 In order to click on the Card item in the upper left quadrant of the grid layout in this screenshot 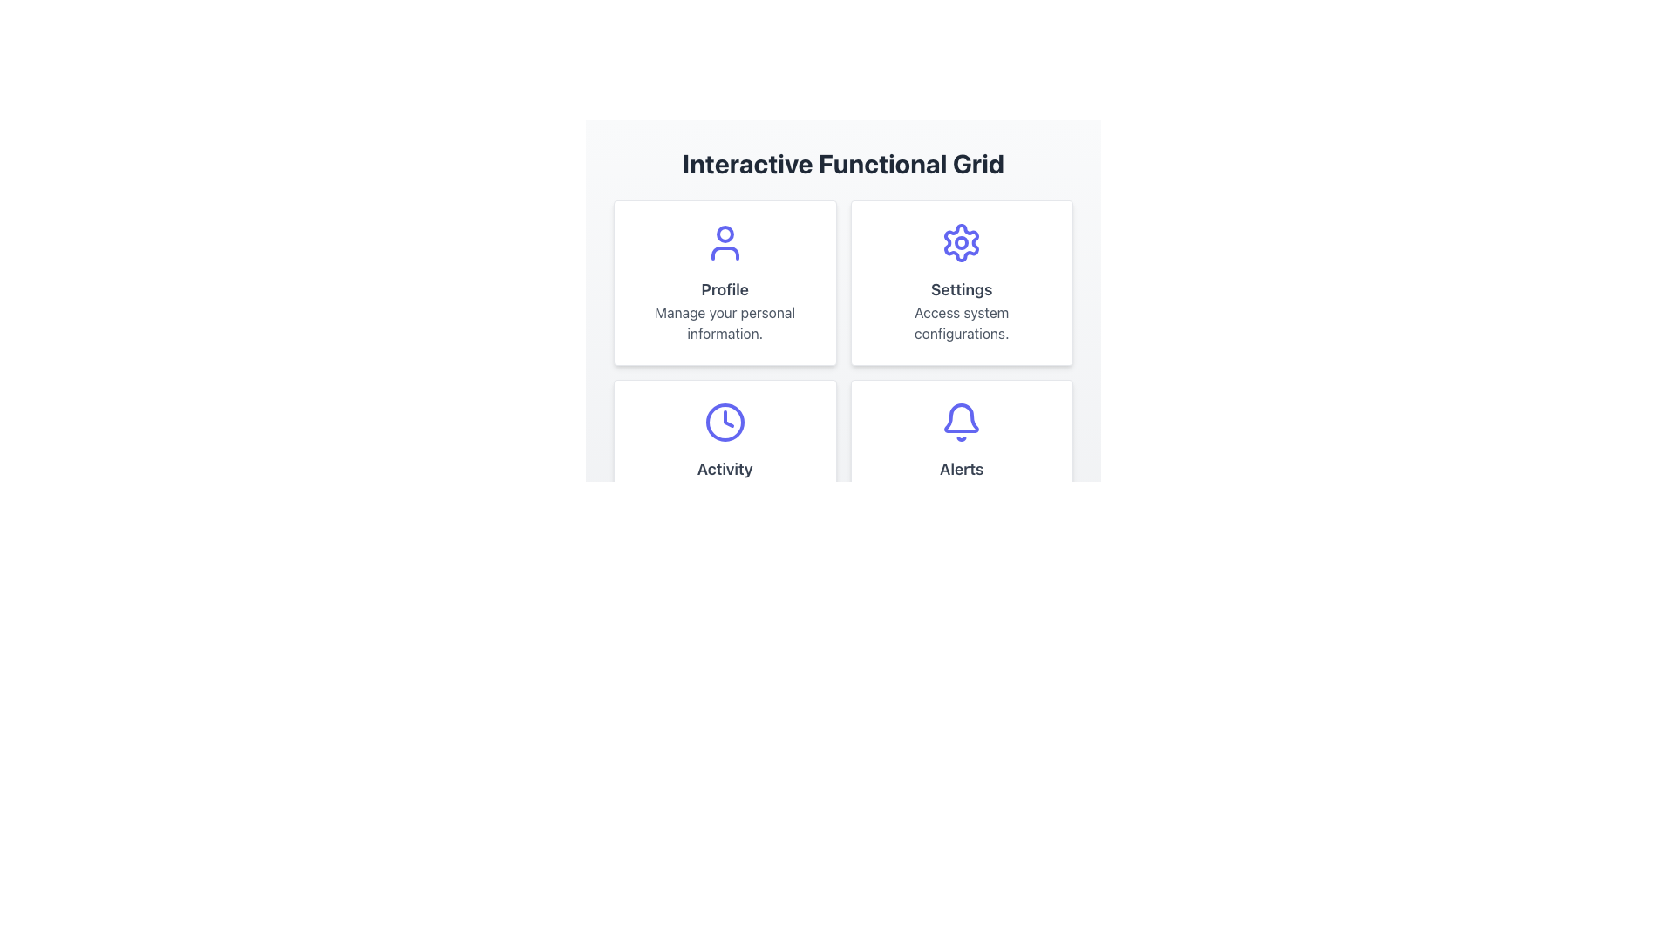, I will do `click(725, 281)`.